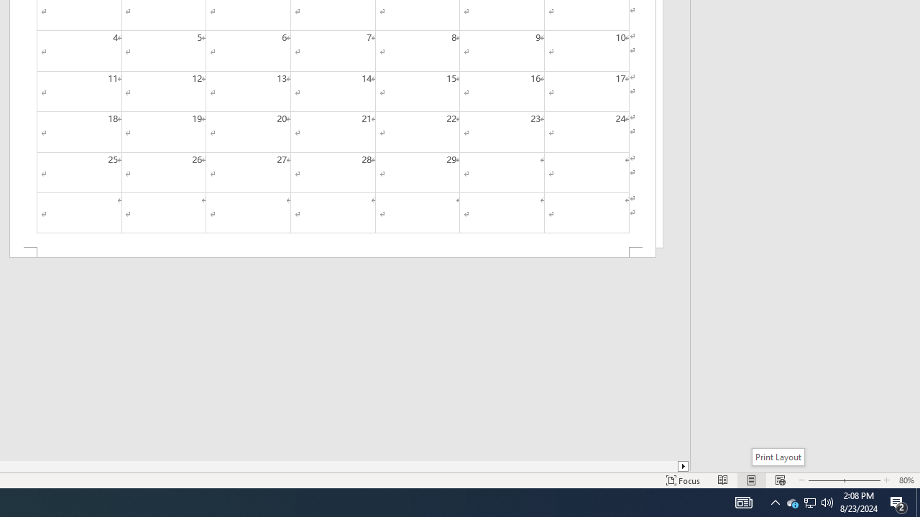 This screenshot has width=920, height=517. I want to click on 'Web Layout', so click(780, 480).